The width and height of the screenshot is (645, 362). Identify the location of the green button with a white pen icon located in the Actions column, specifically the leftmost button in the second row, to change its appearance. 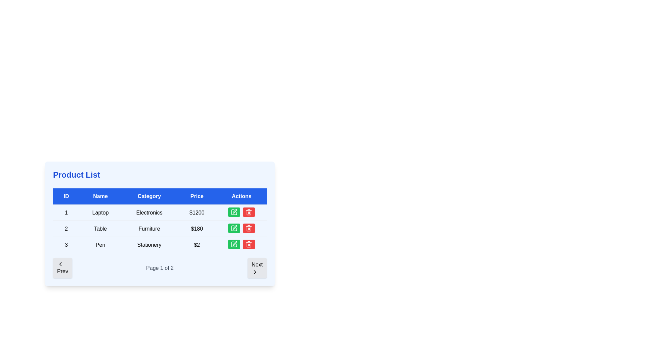
(234, 228).